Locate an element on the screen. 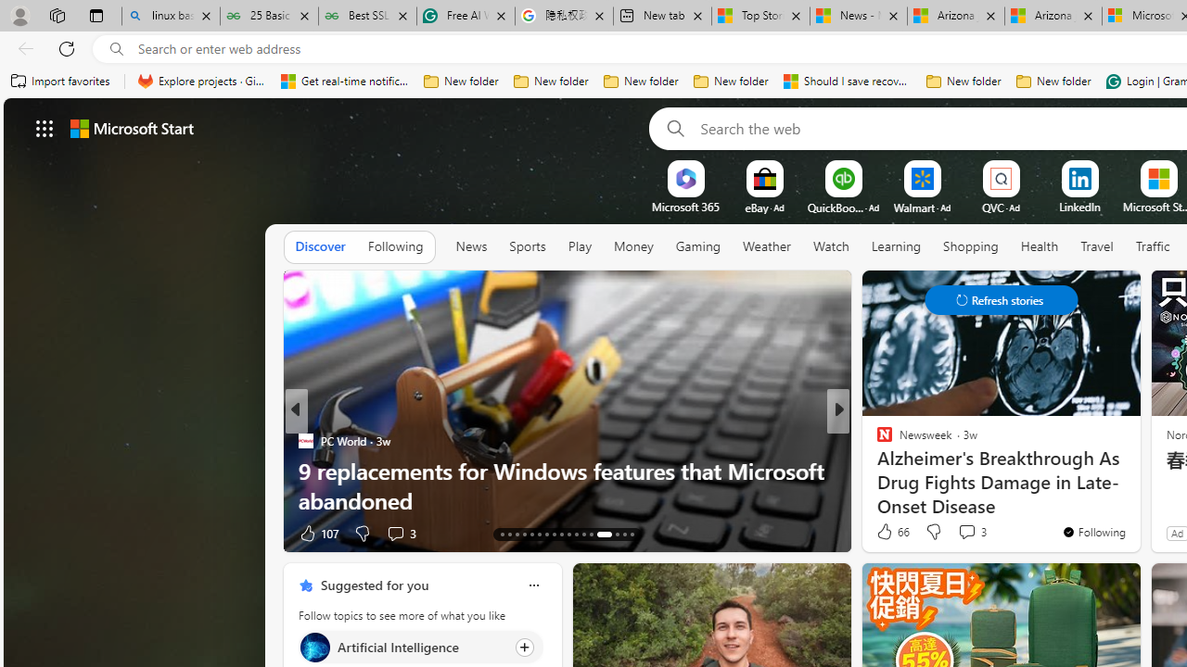  'Money' is located at coordinates (632, 246).